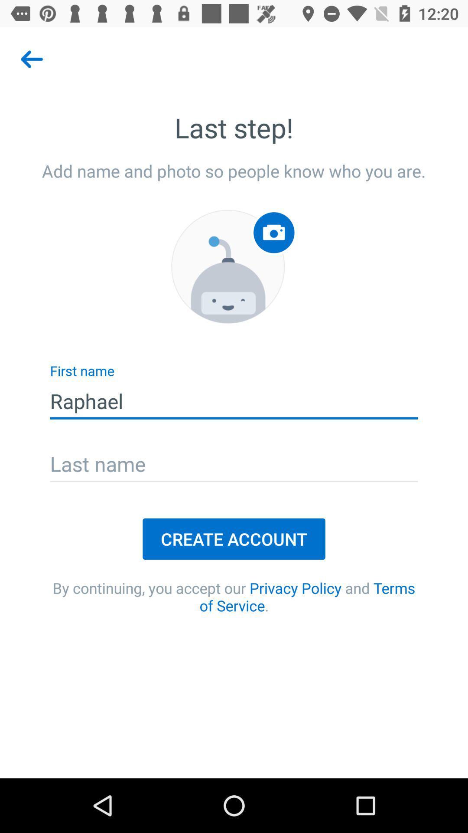 This screenshot has width=468, height=833. I want to click on icon above by continuing you item, so click(234, 538).